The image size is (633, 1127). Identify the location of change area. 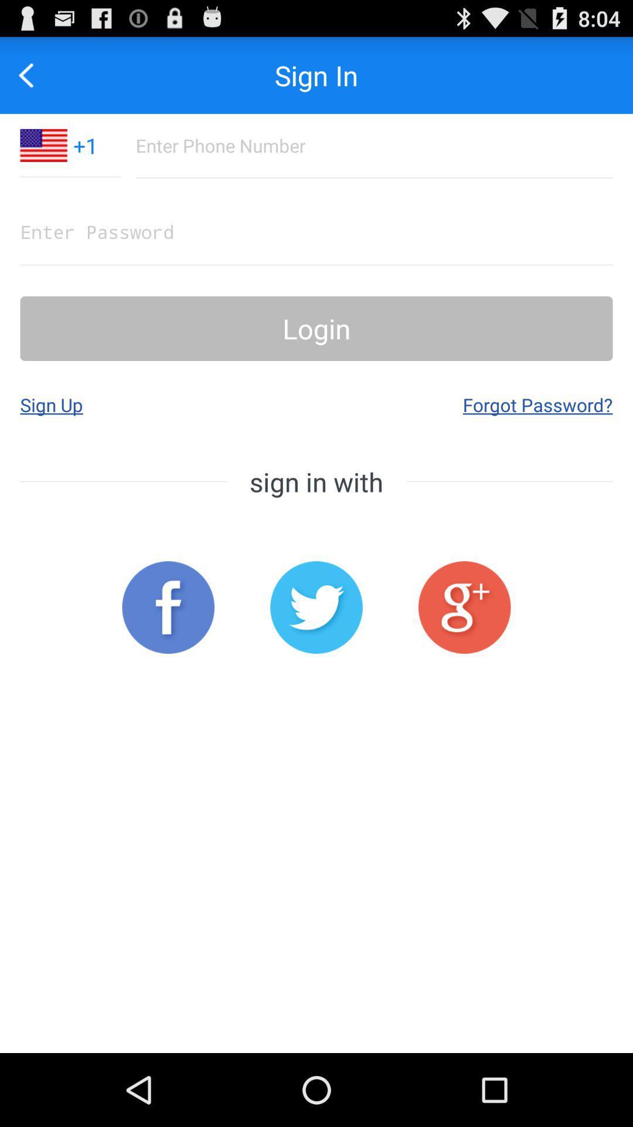
(43, 144).